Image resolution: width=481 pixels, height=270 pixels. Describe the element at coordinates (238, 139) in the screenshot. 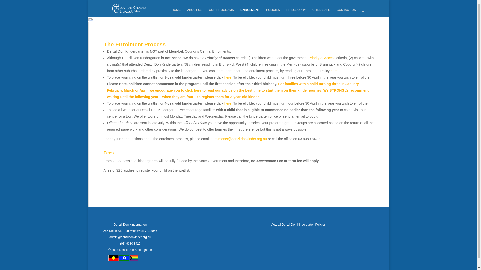

I see `'enrolments@denzildonkinder.org.au'` at that location.